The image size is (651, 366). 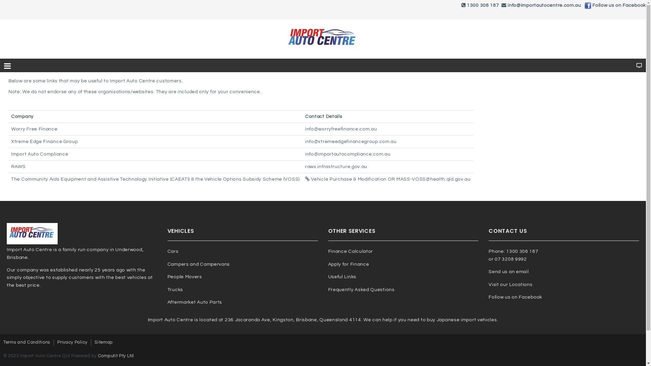 What do you see at coordinates (72, 342) in the screenshot?
I see `'Privacy Policy'` at bounding box center [72, 342].